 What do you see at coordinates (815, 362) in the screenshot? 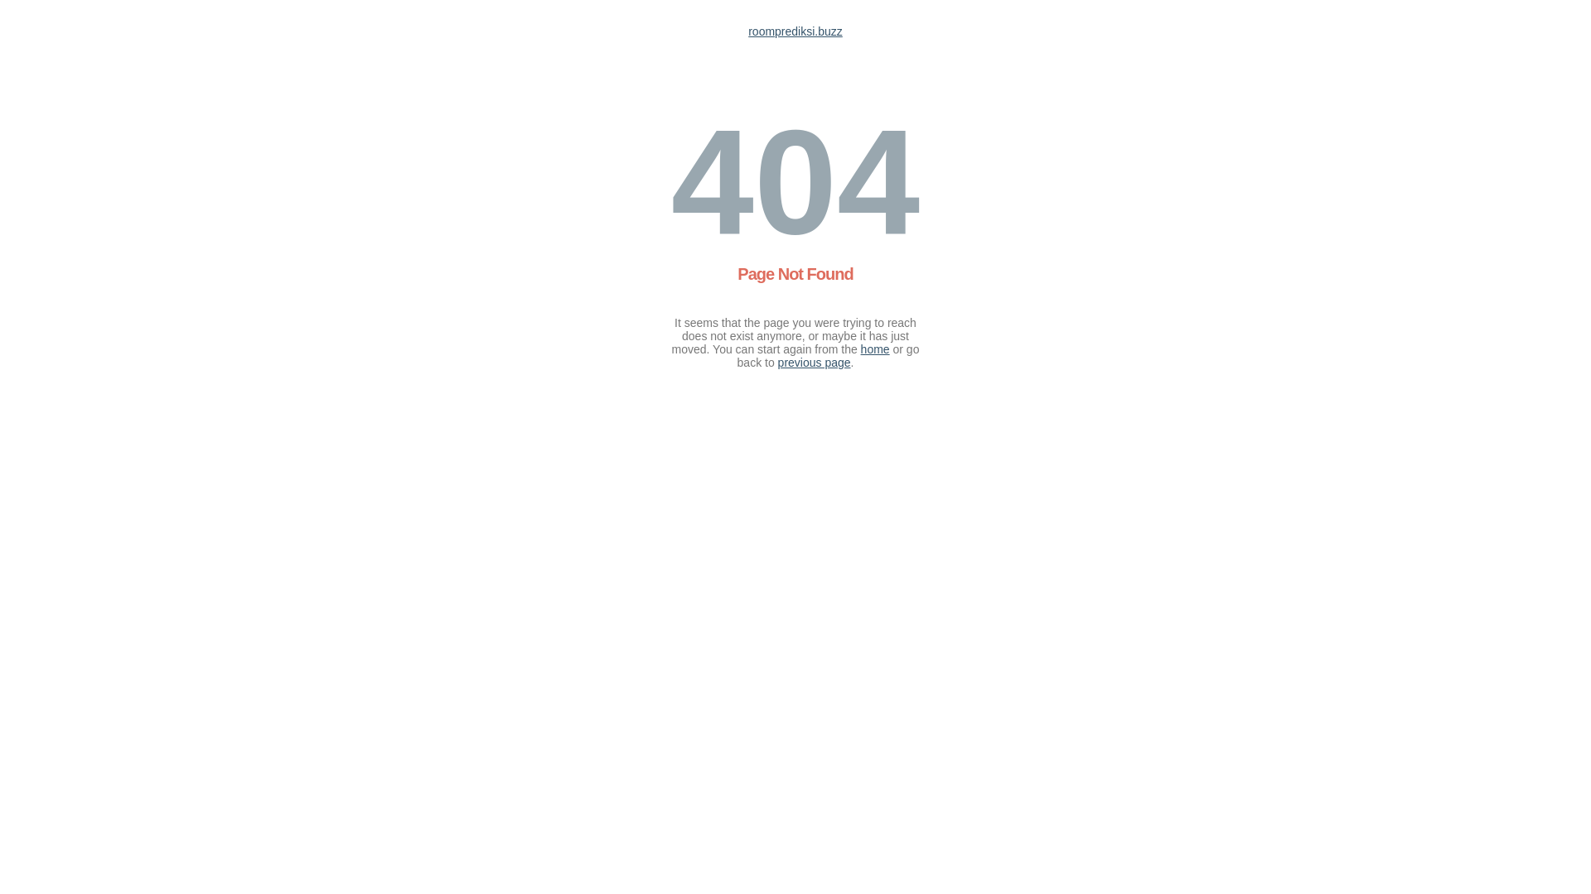
I see `'previous page'` at bounding box center [815, 362].